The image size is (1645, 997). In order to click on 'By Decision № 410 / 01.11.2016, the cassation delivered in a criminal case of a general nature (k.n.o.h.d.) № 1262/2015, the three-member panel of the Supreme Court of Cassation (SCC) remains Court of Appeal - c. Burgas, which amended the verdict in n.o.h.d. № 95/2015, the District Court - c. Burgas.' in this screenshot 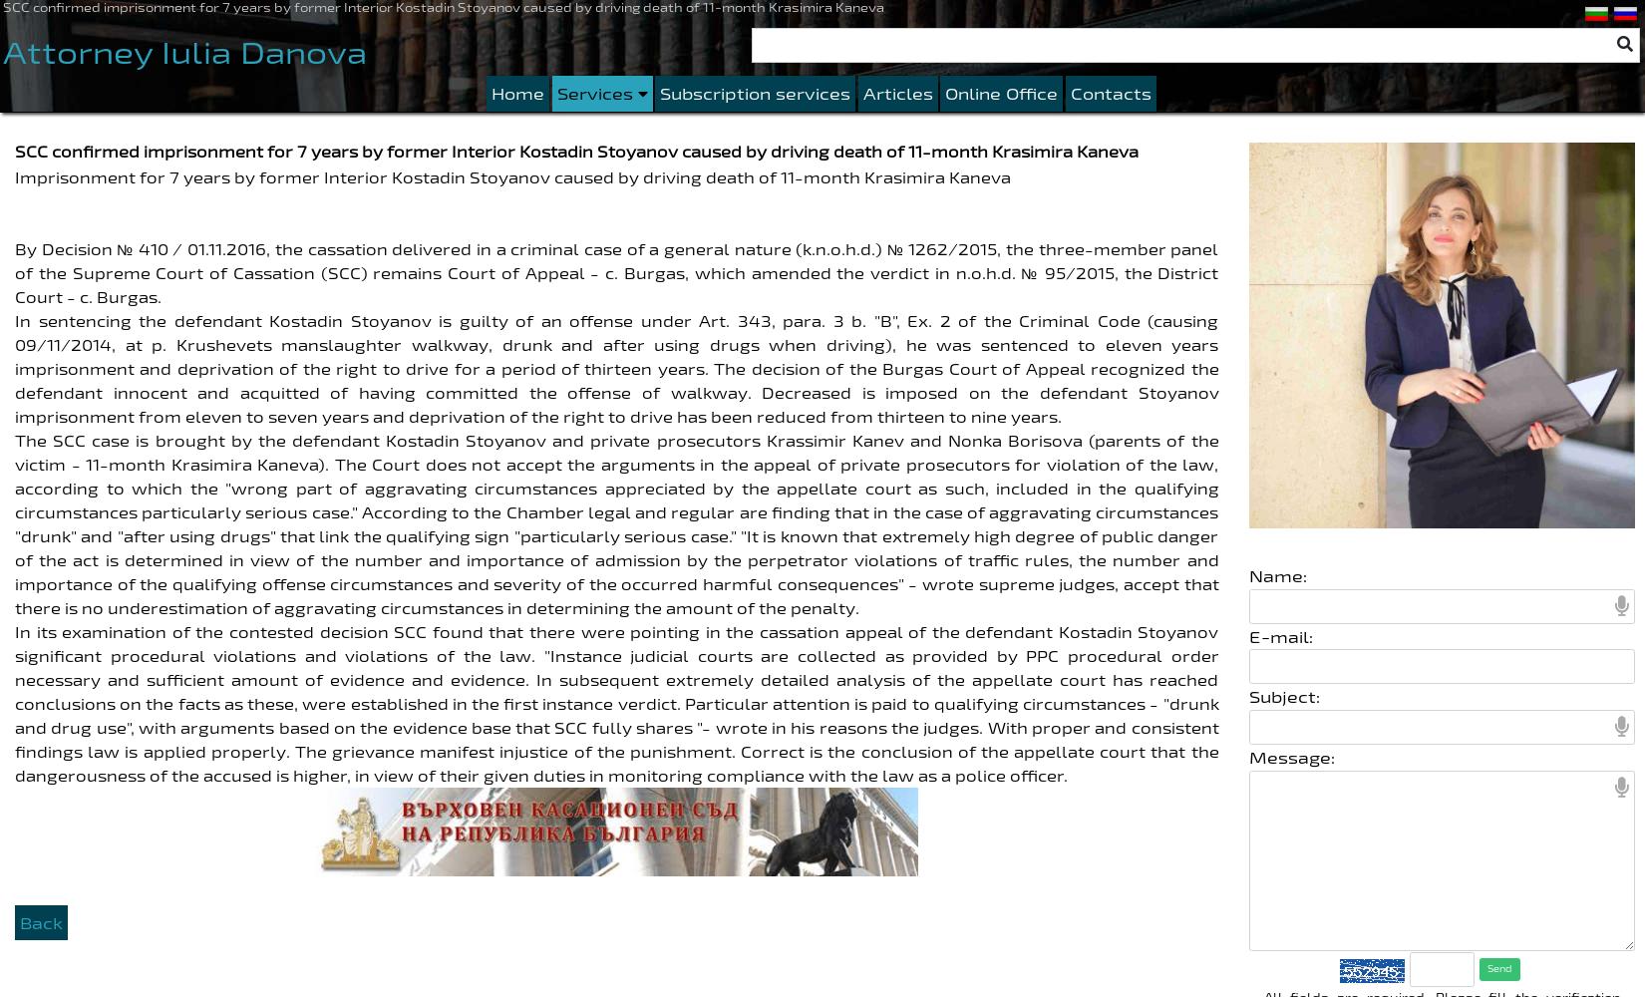, I will do `click(615, 272)`.